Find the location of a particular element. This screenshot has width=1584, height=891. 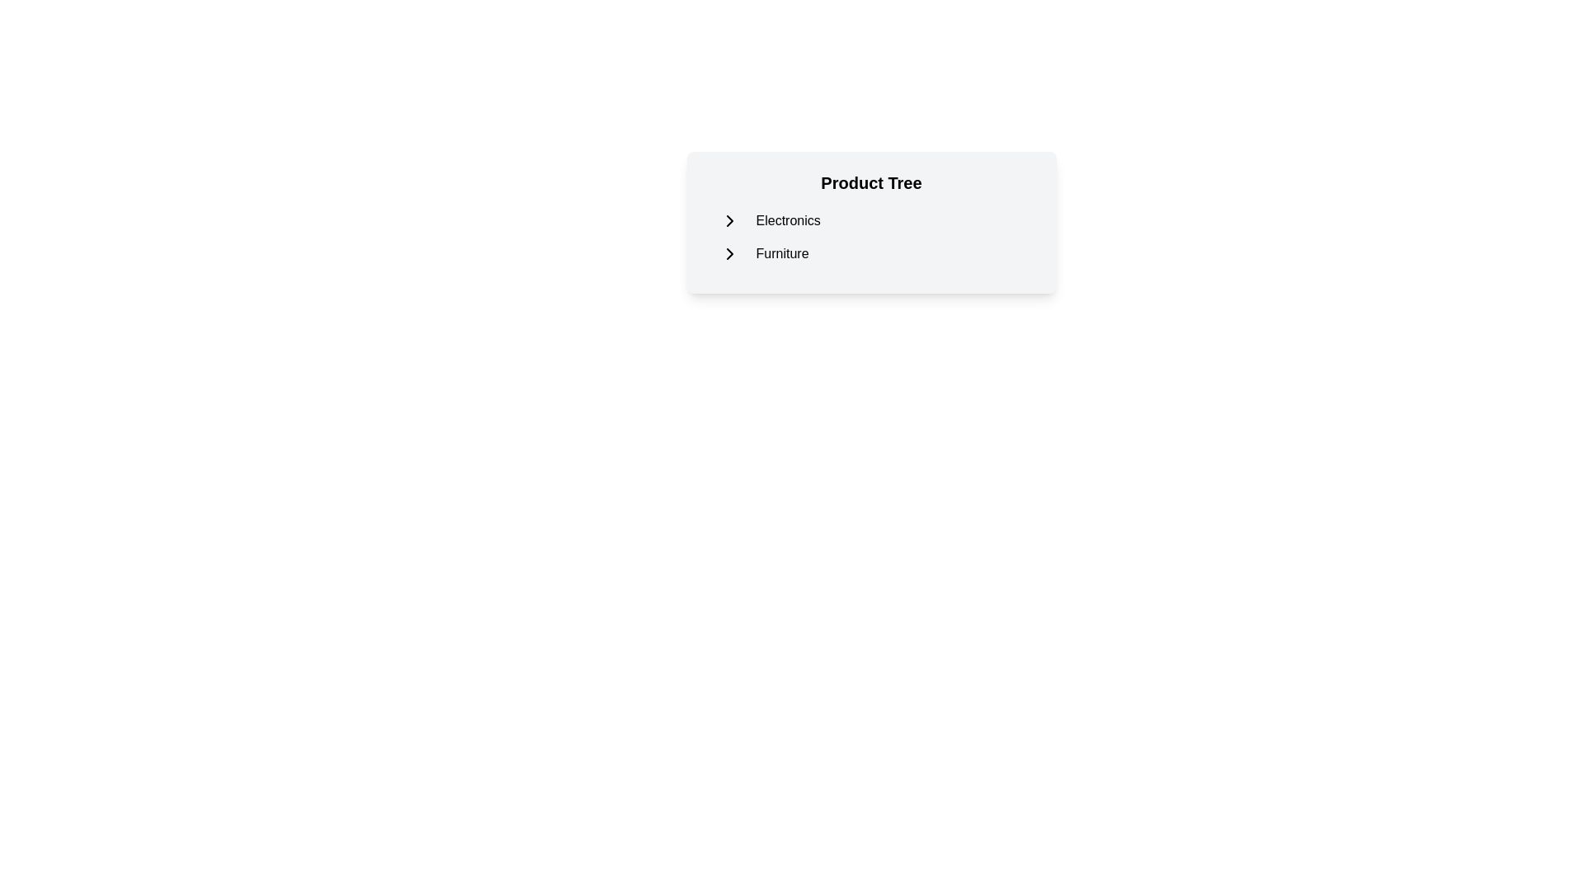

the right-pointing chevron icon button is located at coordinates (728, 254).